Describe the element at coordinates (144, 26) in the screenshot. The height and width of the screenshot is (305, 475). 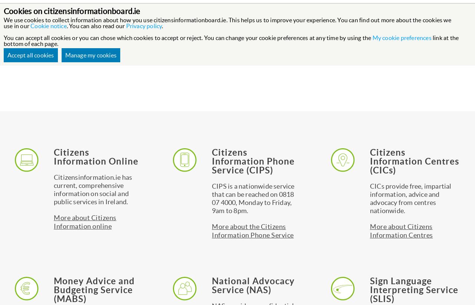
I see `'Privacy policy'` at that location.